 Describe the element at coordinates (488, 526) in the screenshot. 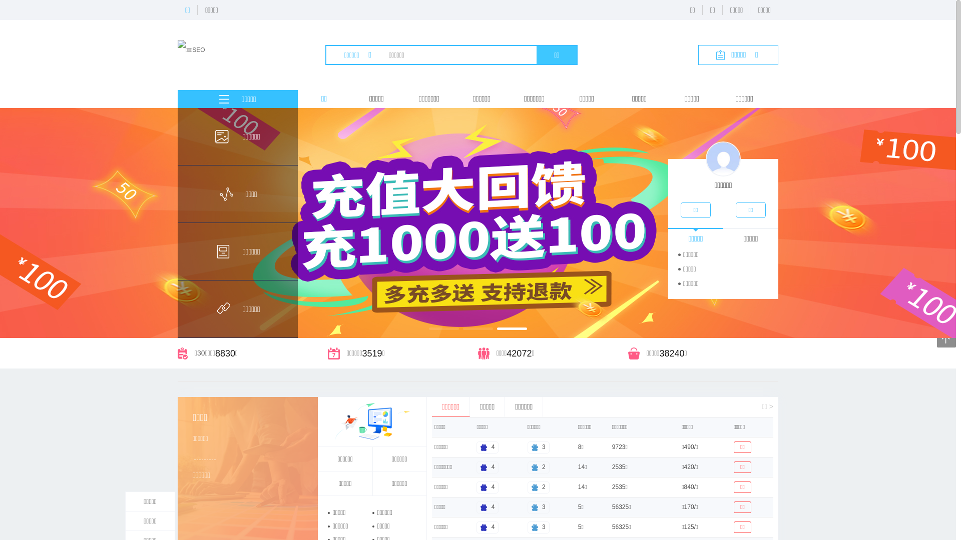

I see `'4'` at that location.